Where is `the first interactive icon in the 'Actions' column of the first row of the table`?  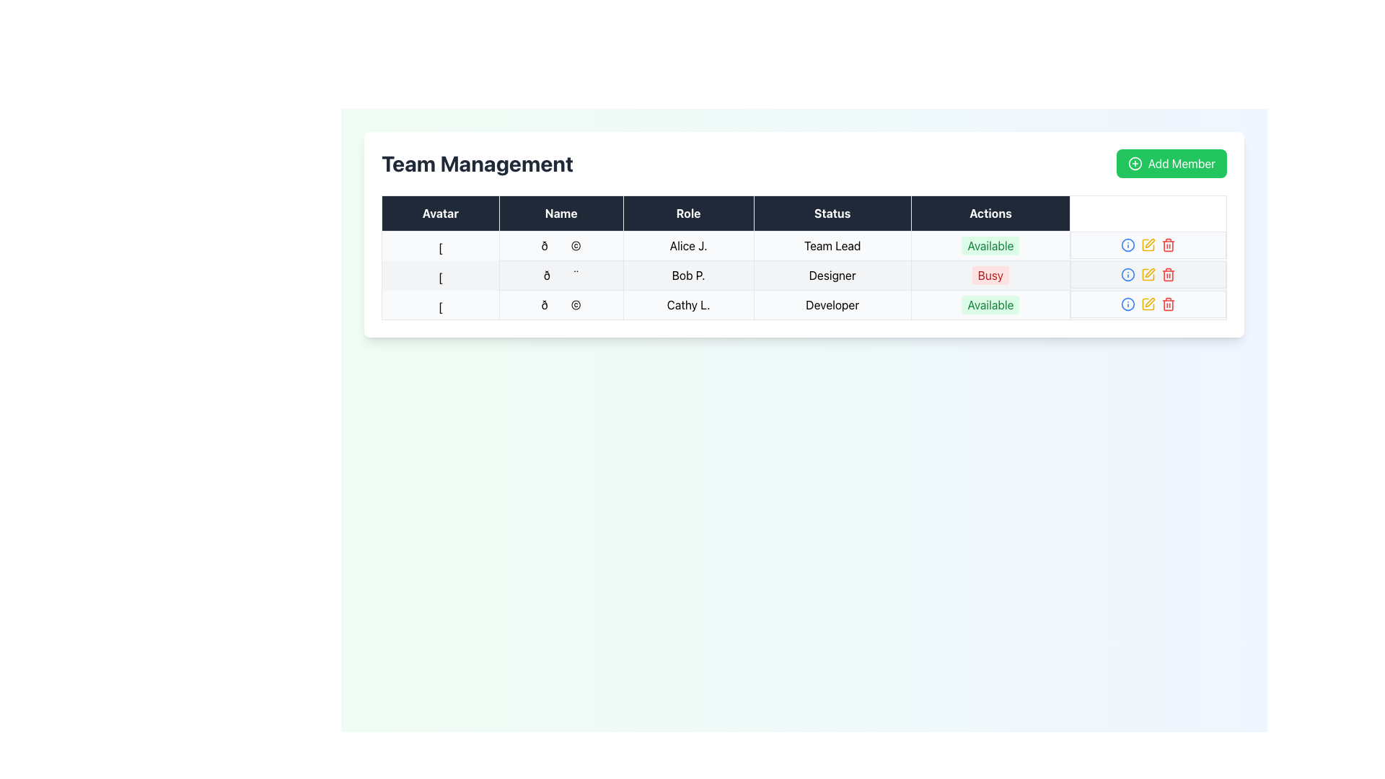 the first interactive icon in the 'Actions' column of the first row of the table is located at coordinates (1127, 303).